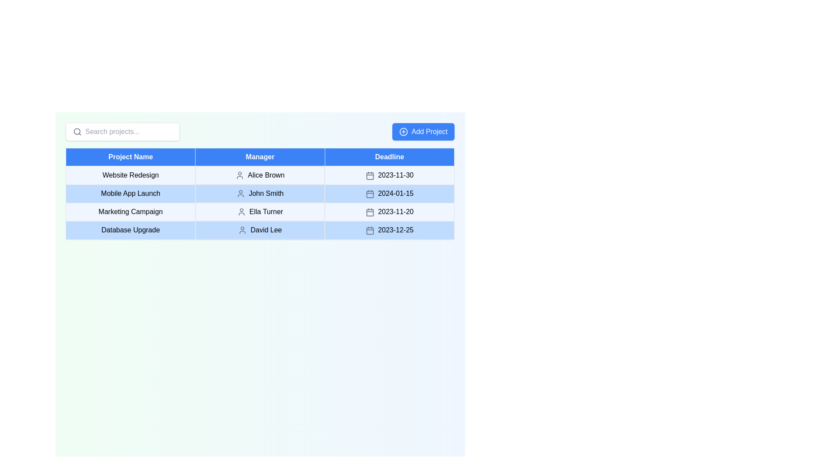 The image size is (836, 470). Describe the element at coordinates (260, 193) in the screenshot. I see `the Text Cell with Icon that displays the manager's name in the second row of the table under the 'Manager' column` at that location.